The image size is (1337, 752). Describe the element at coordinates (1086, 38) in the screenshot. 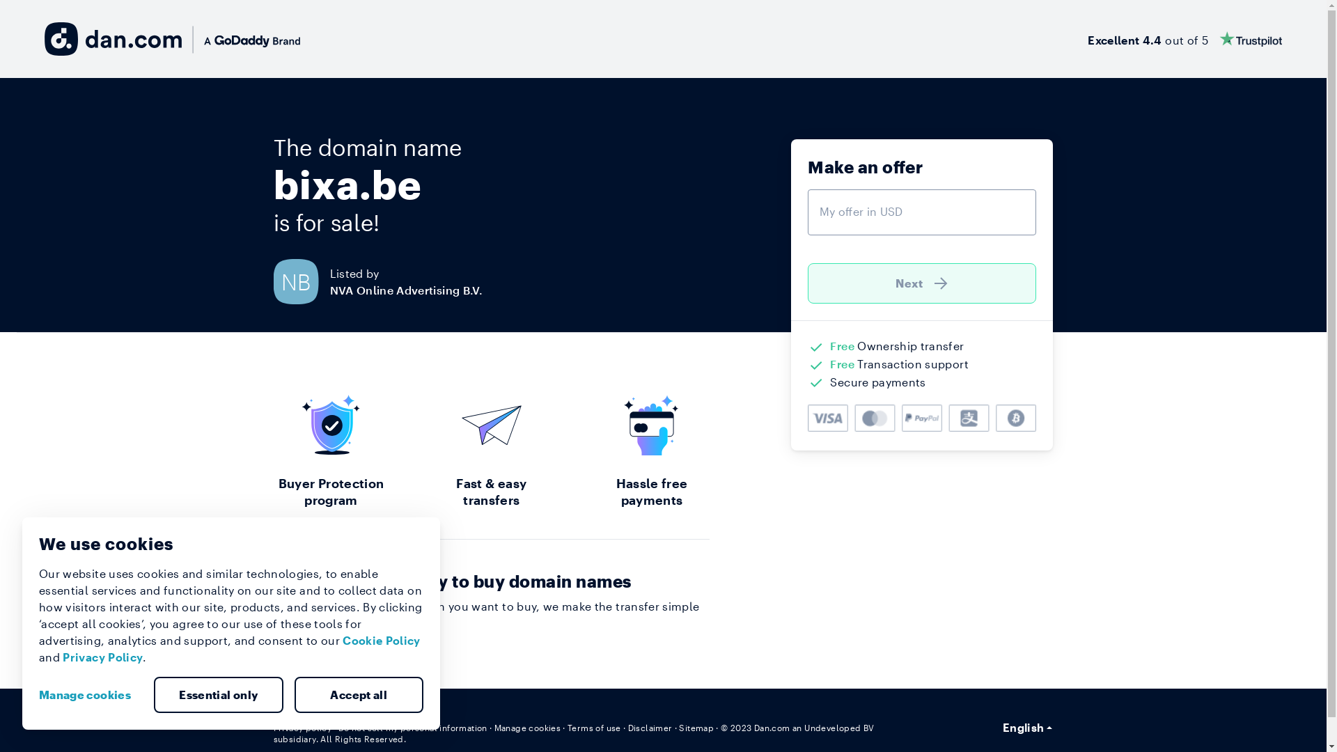

I see `'Excellent 4.4 out of 5'` at that location.